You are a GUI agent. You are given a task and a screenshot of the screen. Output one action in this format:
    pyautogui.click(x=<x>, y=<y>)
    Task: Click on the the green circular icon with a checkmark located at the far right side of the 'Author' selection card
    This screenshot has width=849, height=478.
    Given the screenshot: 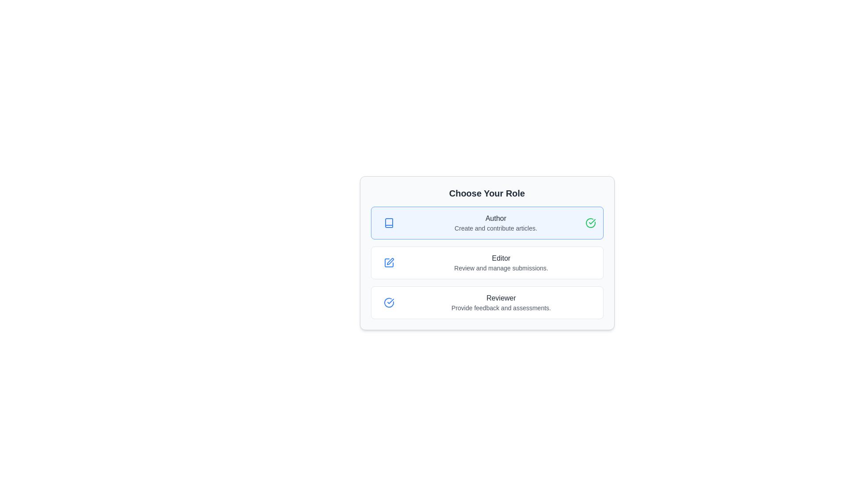 What is the action you would take?
    pyautogui.click(x=590, y=223)
    